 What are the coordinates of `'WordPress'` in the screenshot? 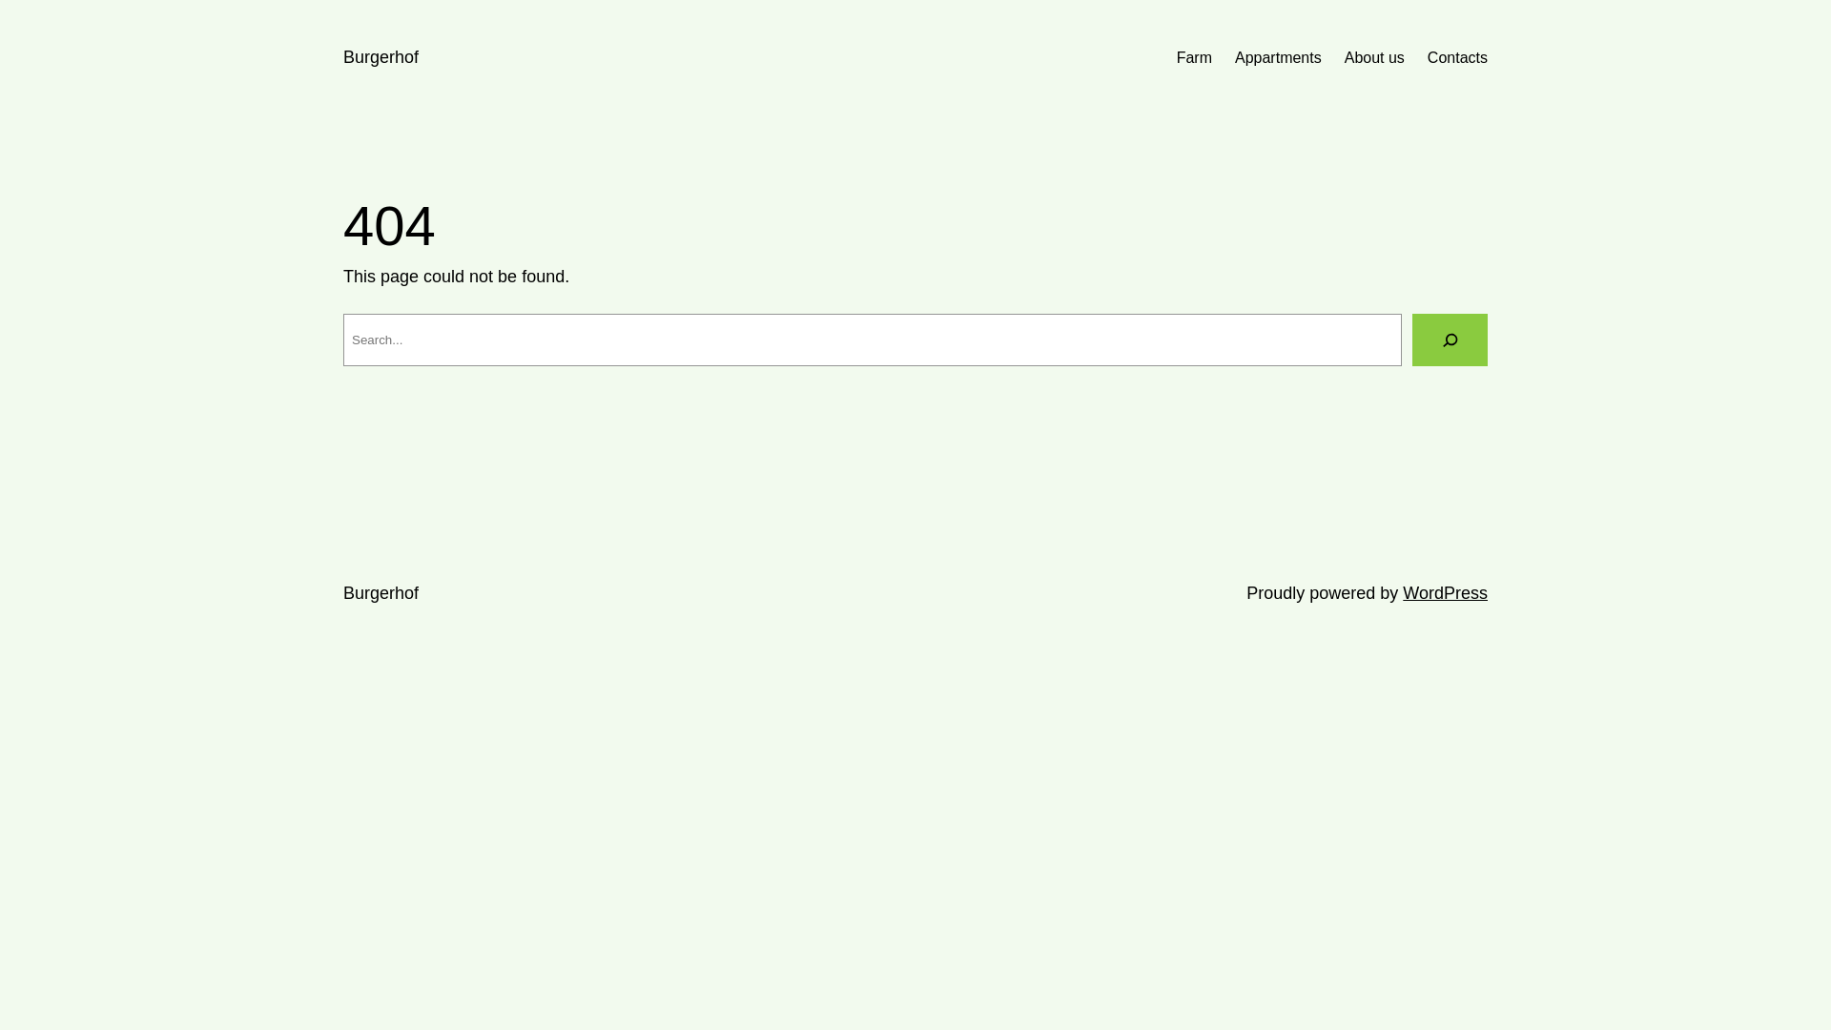 It's located at (1445, 591).